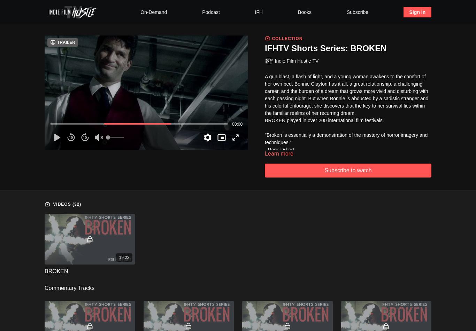 The height and width of the screenshot is (331, 476). I want to click on '00:00', so click(237, 124).